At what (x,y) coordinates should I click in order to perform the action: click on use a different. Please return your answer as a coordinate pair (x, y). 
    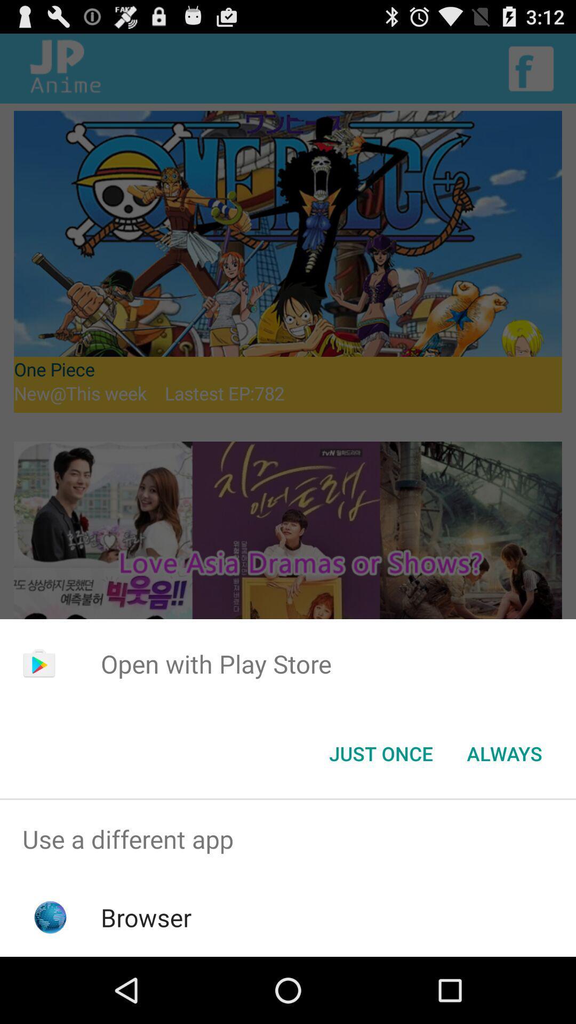
    Looking at the image, I should click on (288, 838).